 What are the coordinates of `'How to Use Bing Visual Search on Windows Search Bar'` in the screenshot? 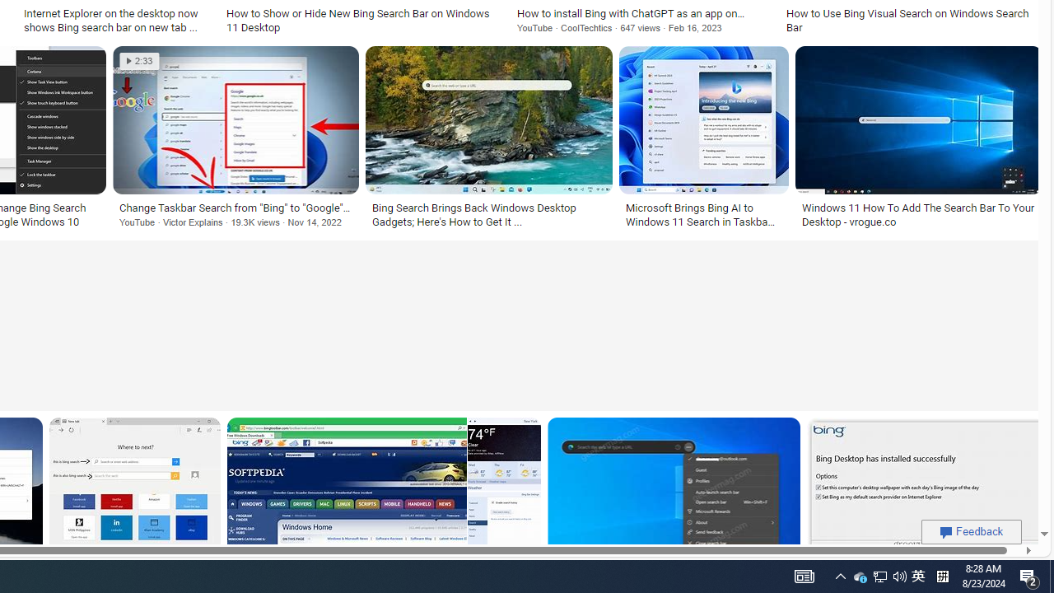 It's located at (910, 20).